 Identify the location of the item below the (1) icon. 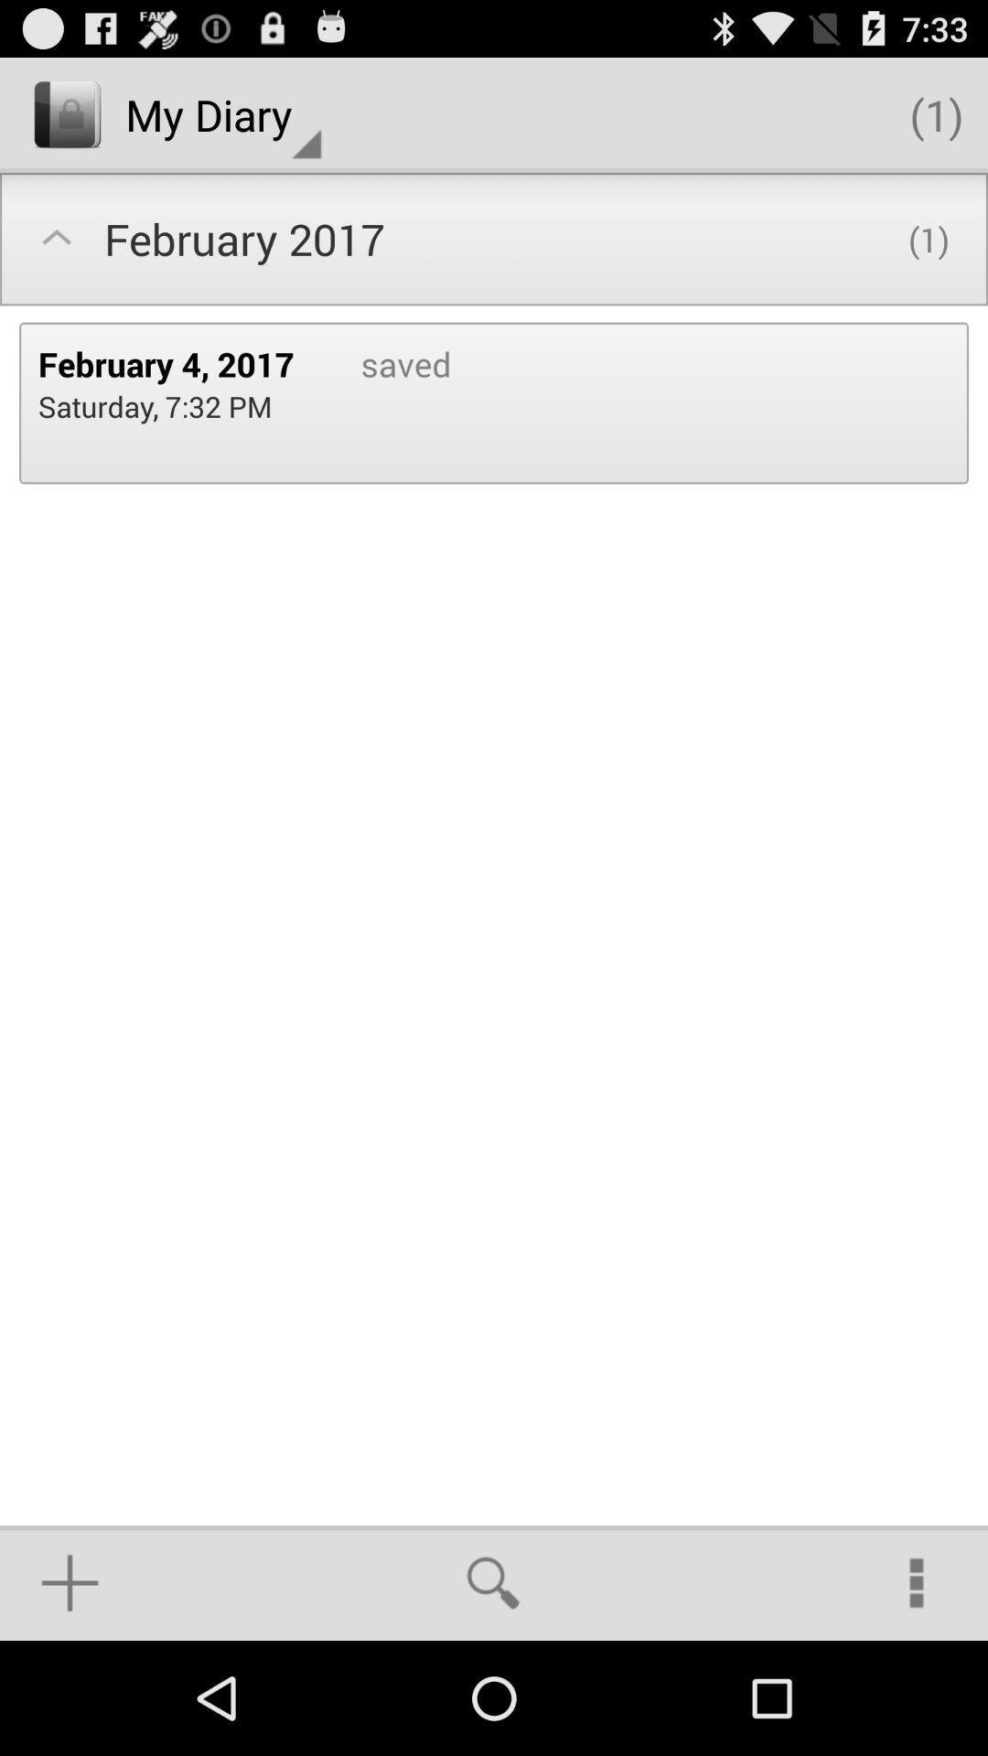
(917, 1582).